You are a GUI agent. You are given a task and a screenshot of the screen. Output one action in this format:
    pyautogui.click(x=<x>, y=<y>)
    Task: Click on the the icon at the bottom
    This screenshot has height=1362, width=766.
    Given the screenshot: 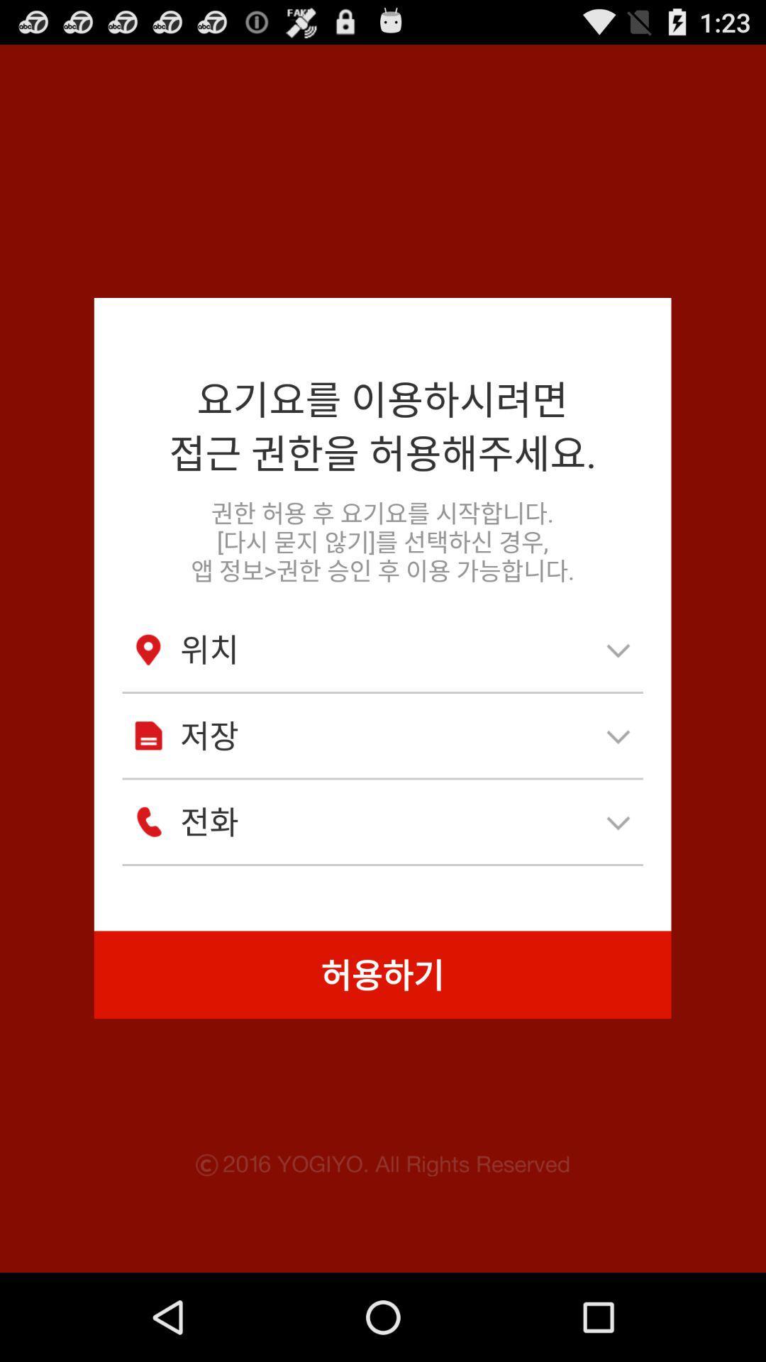 What is the action you would take?
    pyautogui.click(x=382, y=974)
    